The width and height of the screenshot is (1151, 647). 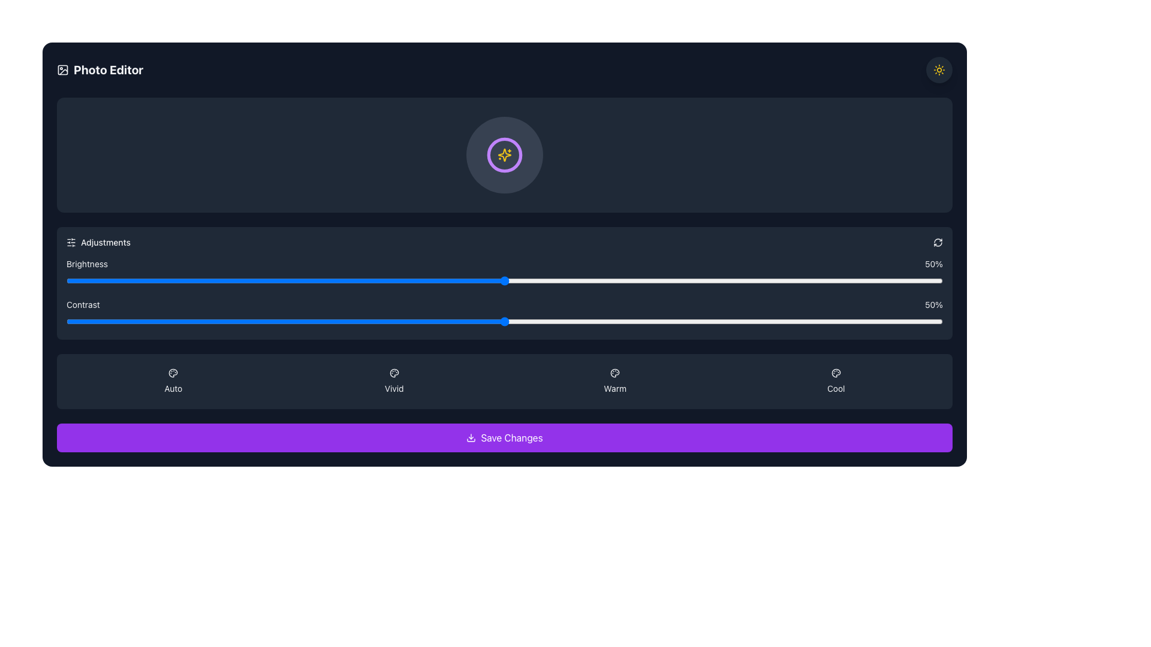 What do you see at coordinates (294, 321) in the screenshot?
I see `contrast` at bounding box center [294, 321].